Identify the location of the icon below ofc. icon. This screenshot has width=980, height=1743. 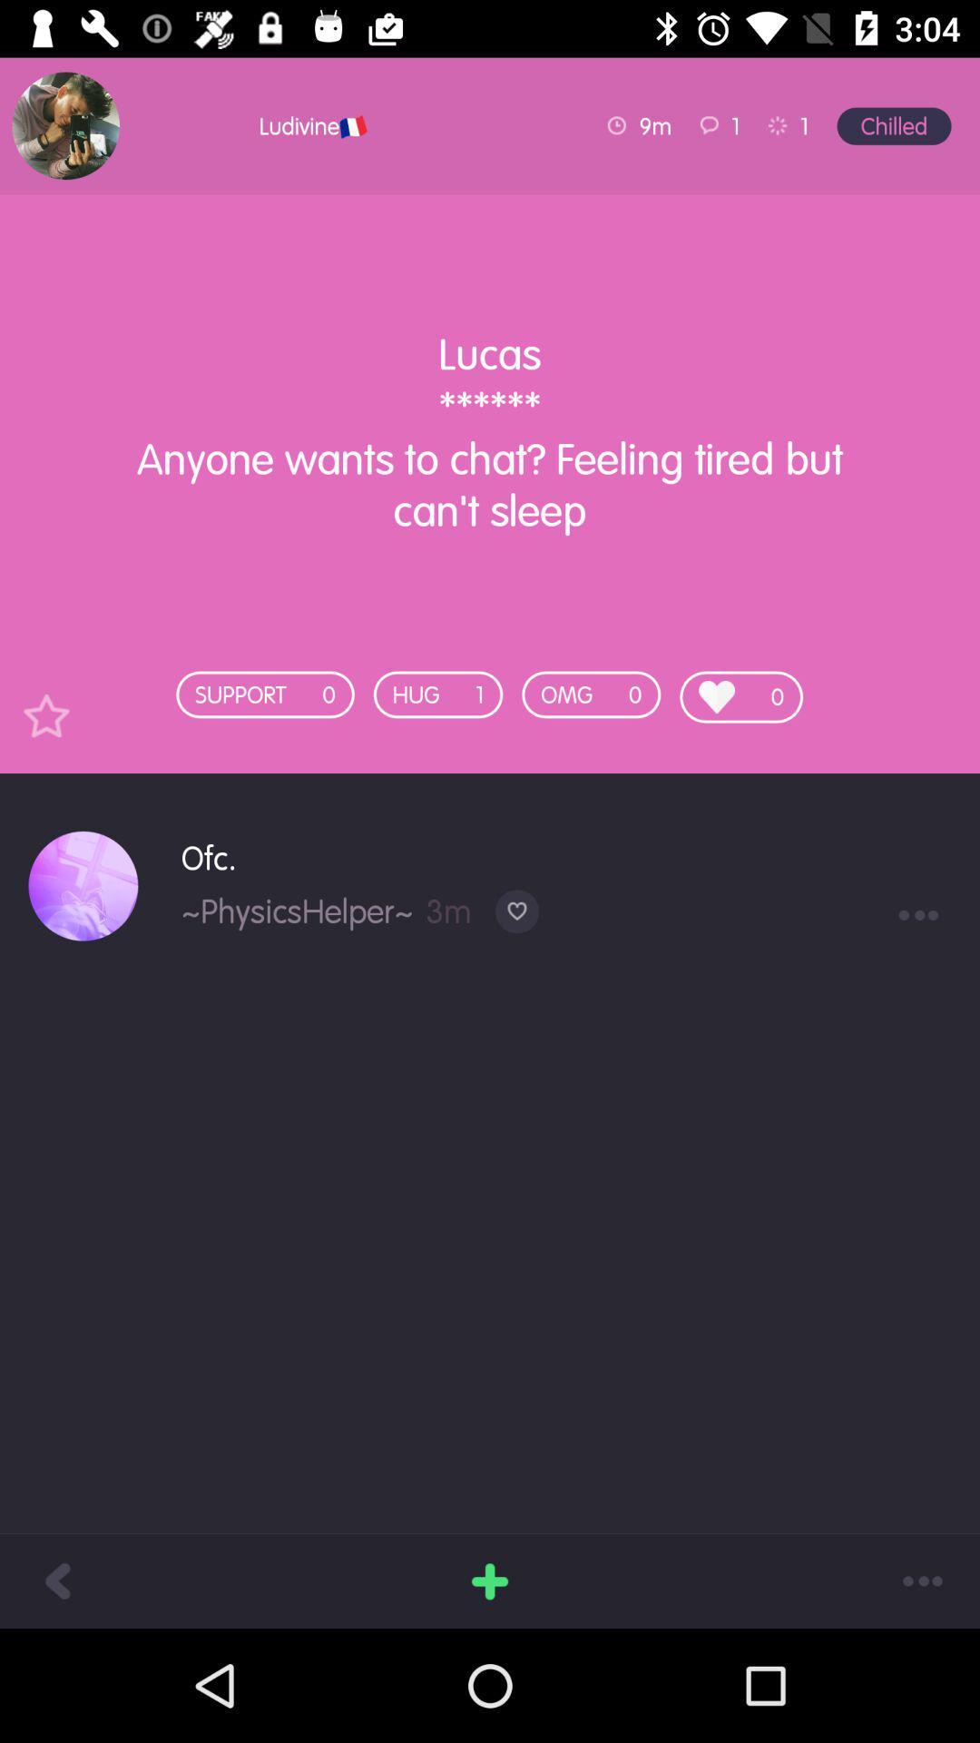
(296, 911).